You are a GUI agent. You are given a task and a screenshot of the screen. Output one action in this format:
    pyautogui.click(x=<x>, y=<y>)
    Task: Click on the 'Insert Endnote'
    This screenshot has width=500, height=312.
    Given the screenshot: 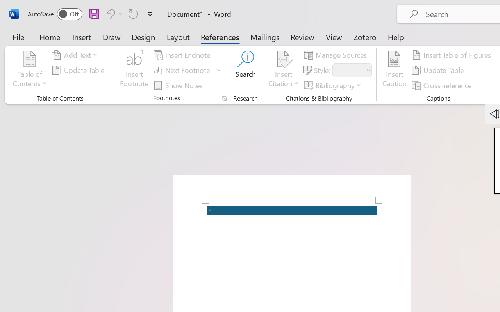 What is the action you would take?
    pyautogui.click(x=182, y=55)
    